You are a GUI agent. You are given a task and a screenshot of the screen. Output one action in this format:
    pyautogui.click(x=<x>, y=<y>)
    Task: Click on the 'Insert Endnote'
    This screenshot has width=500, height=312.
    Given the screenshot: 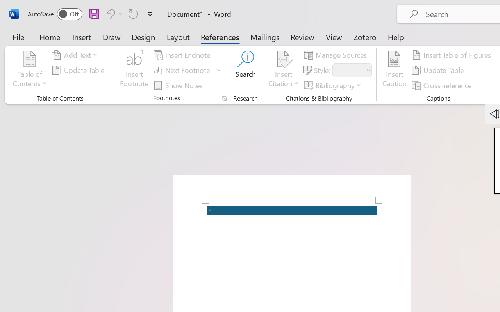 What is the action you would take?
    pyautogui.click(x=182, y=55)
    